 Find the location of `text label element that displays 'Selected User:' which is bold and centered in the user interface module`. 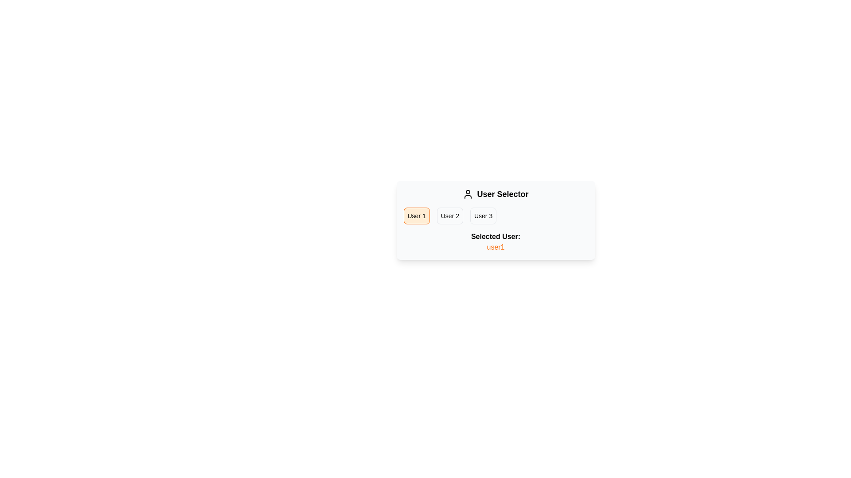

text label element that displays 'Selected User:' which is bold and centered in the user interface module is located at coordinates (495, 236).